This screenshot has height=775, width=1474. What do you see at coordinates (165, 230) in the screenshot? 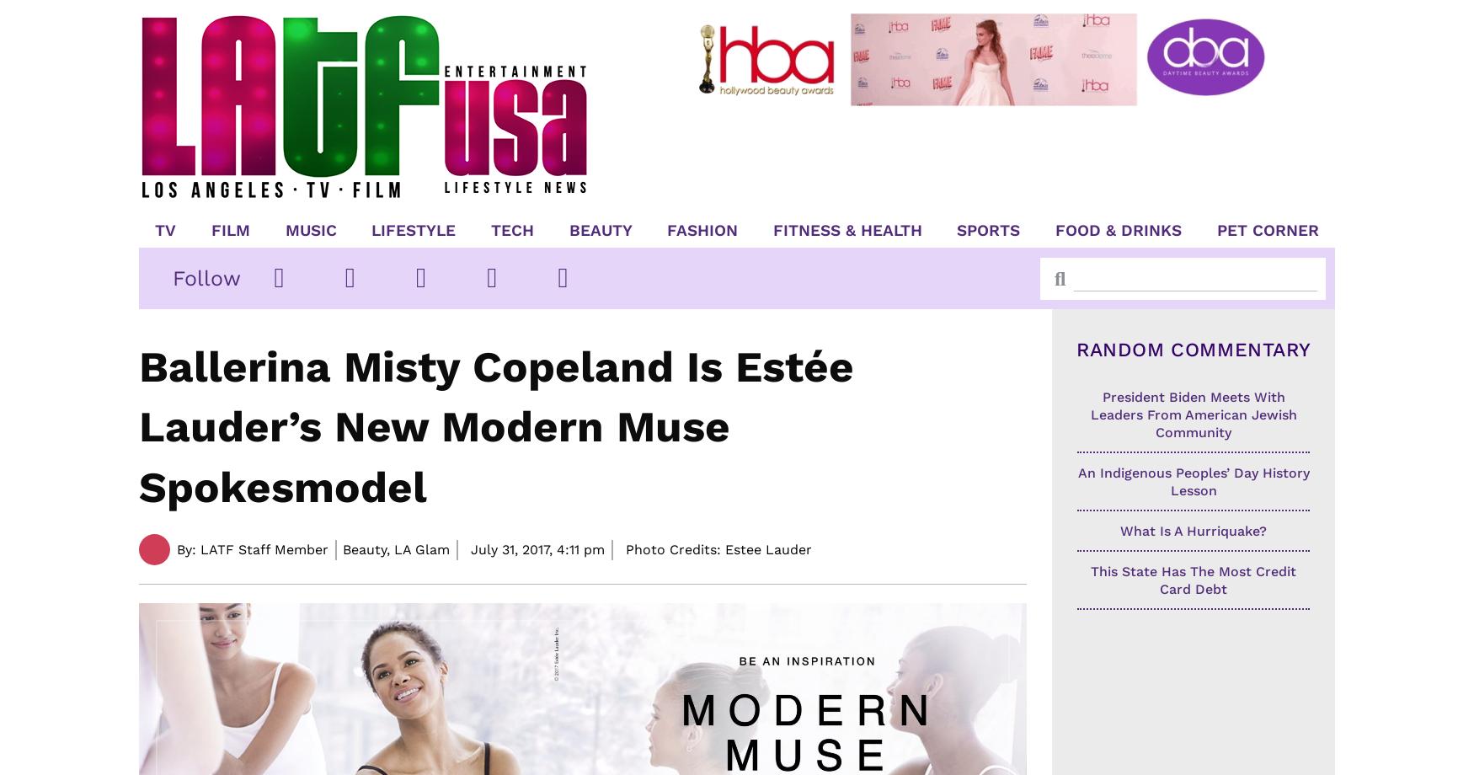
I see `'TV'` at bounding box center [165, 230].